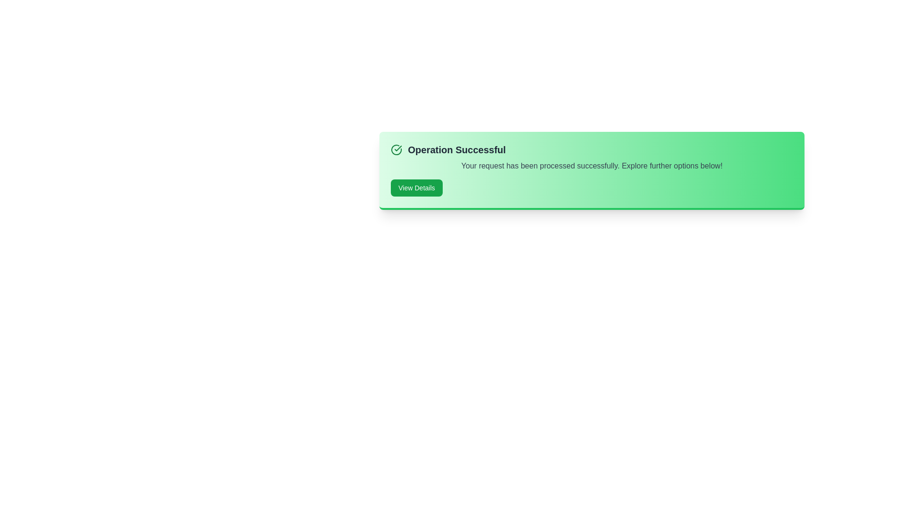 The height and width of the screenshot is (514, 914). What do you see at coordinates (390, 159) in the screenshot?
I see `the alert description text within the bounds of the description element` at bounding box center [390, 159].